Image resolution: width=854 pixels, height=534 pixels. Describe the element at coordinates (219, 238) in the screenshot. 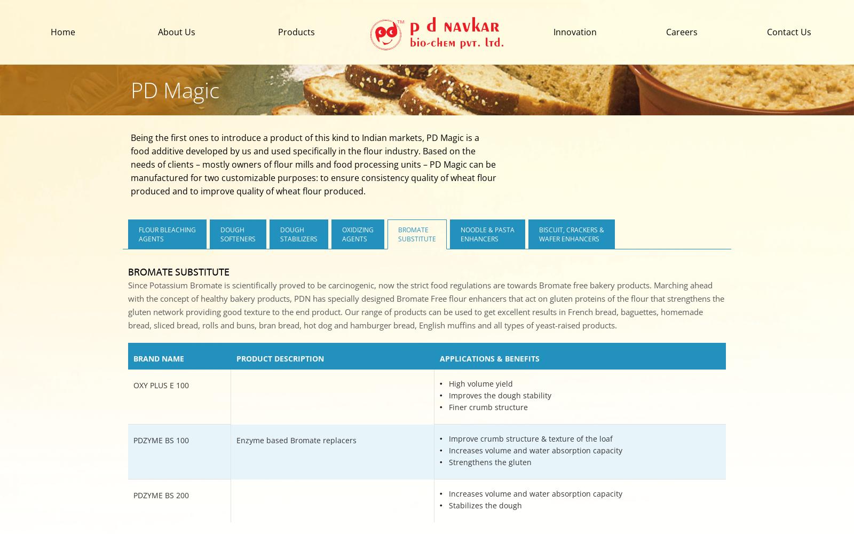

I see `'SOFTENERS'` at that location.